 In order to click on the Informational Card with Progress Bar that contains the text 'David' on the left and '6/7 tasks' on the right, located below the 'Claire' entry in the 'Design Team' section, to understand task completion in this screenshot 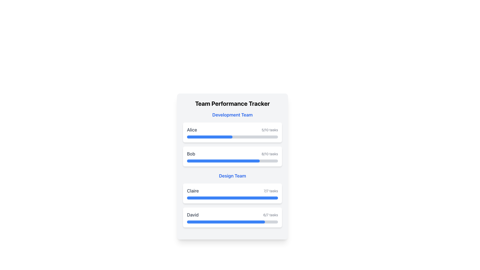, I will do `click(232, 217)`.